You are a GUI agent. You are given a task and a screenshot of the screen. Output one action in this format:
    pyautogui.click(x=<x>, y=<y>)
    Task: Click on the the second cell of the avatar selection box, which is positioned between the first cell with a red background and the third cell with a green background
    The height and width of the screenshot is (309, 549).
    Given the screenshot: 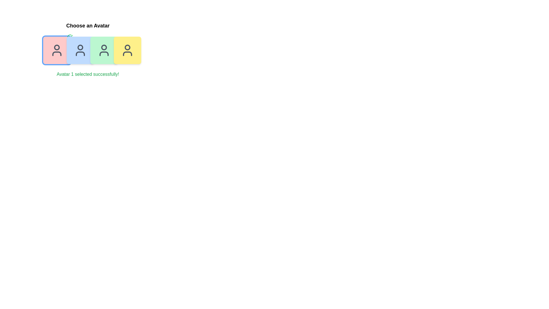 What is the action you would take?
    pyautogui.click(x=87, y=50)
    